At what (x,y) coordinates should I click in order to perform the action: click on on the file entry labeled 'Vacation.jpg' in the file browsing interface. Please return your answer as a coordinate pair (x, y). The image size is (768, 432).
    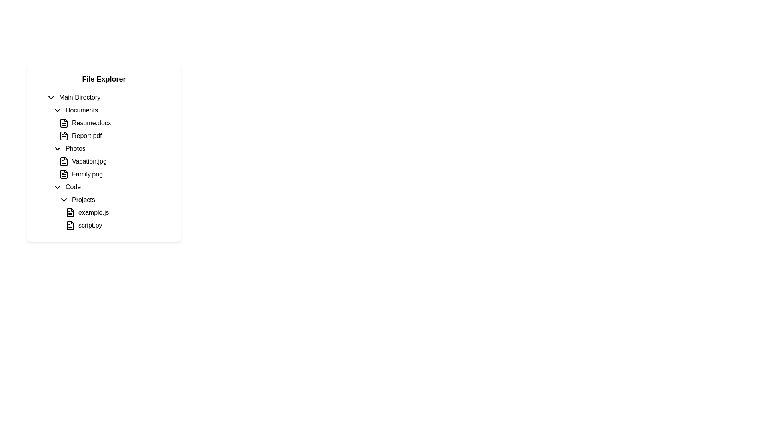
    Looking at the image, I should click on (107, 162).